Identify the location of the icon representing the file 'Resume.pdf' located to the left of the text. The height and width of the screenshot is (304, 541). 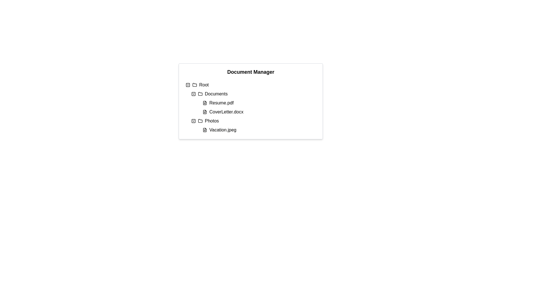
(204, 103).